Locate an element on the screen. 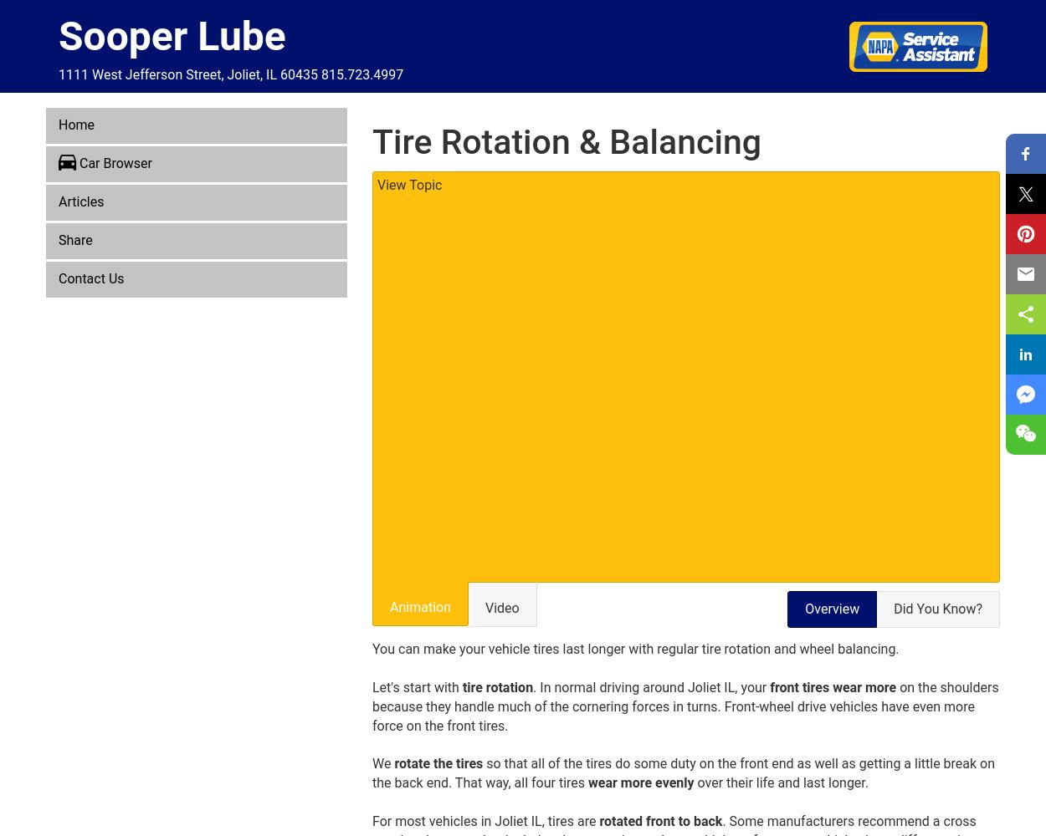  'Articles' is located at coordinates (80, 201).